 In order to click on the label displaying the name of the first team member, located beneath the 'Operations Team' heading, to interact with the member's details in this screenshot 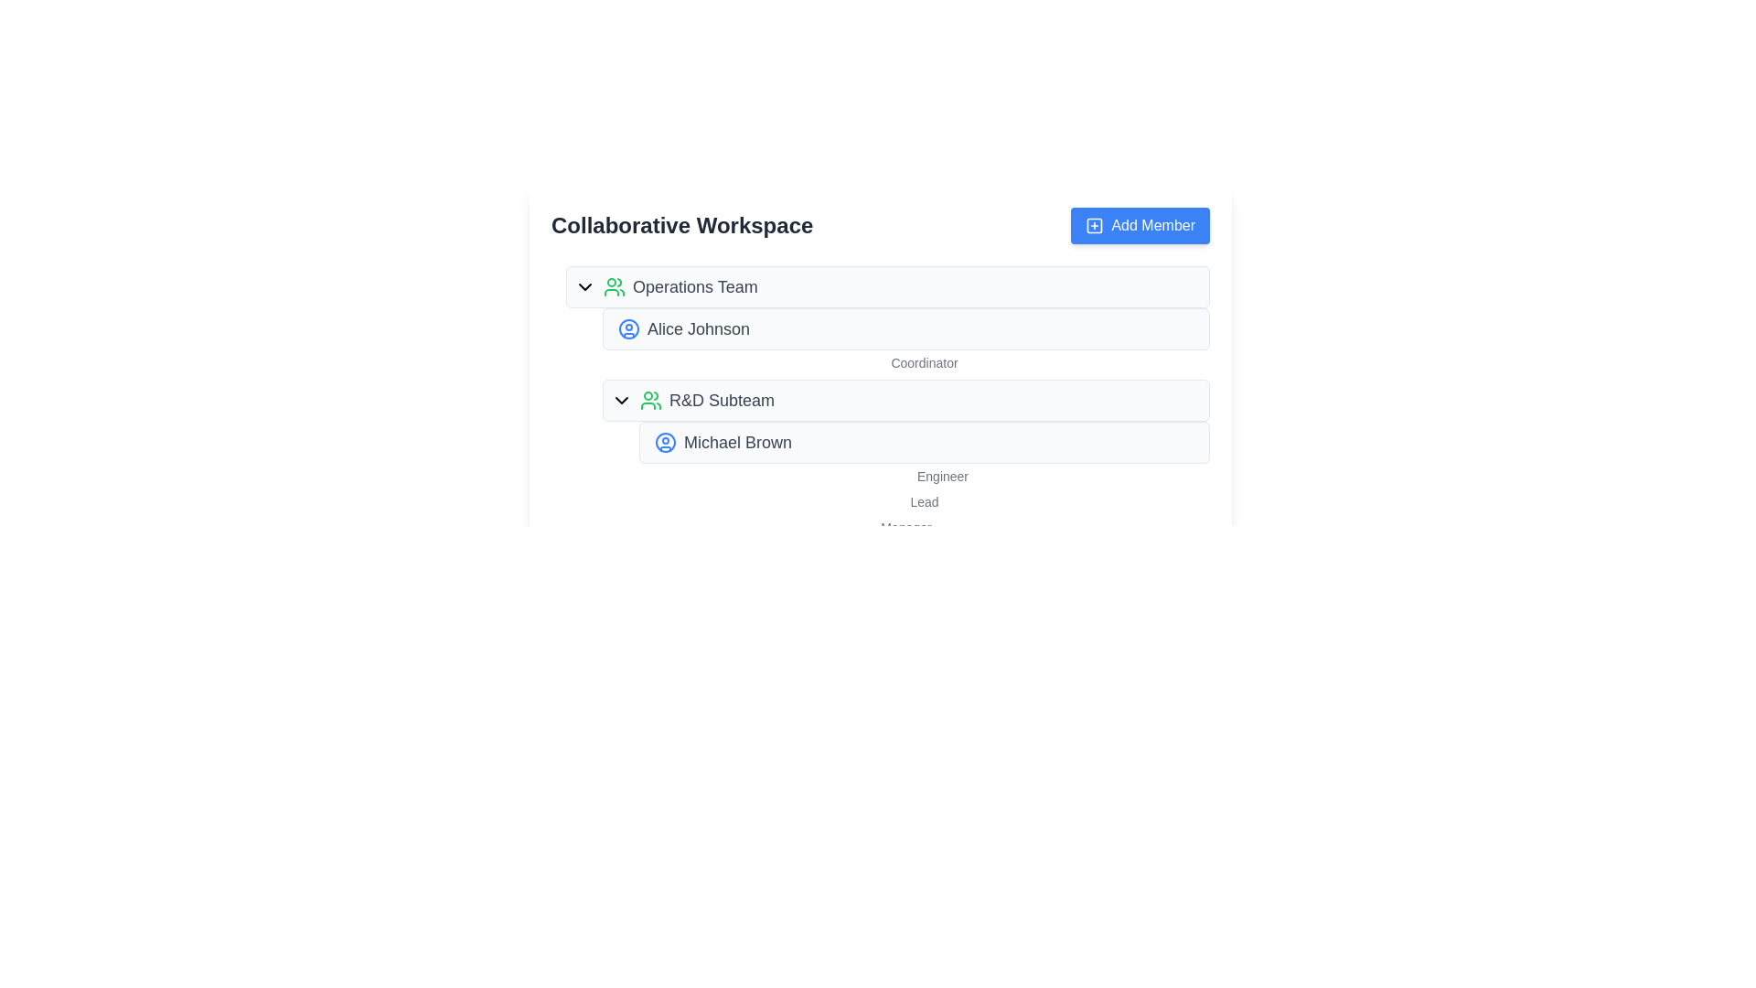, I will do `click(683, 328)`.